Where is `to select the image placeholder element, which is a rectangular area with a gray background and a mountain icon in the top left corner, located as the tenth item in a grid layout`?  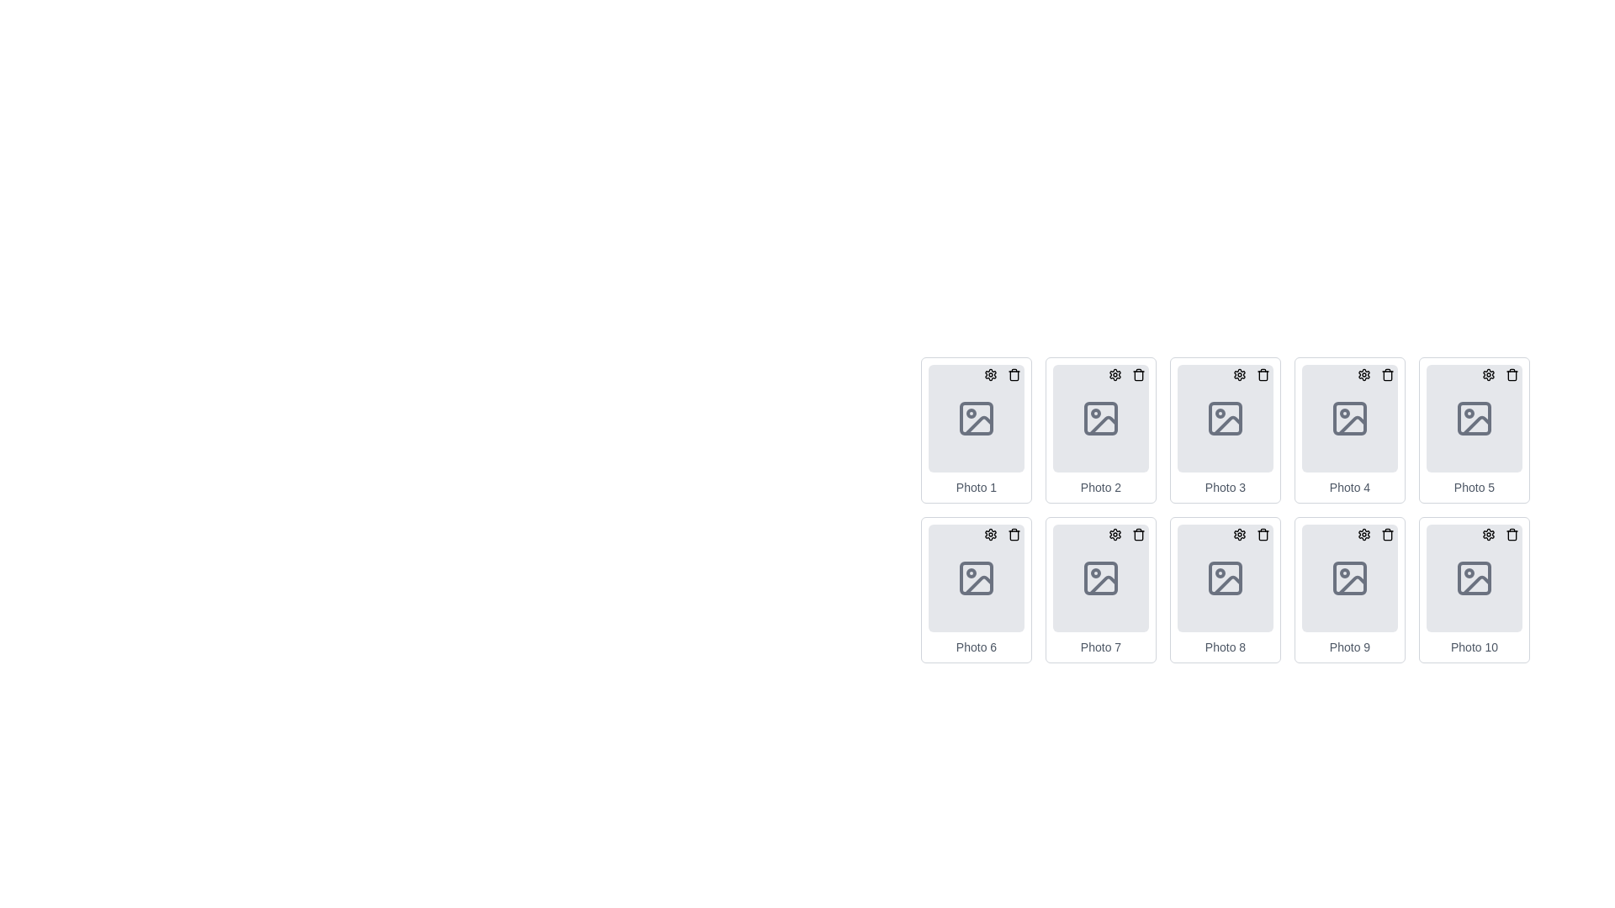 to select the image placeholder element, which is a rectangular area with a gray background and a mountain icon in the top left corner, located as the tenth item in a grid layout is located at coordinates (1473, 577).